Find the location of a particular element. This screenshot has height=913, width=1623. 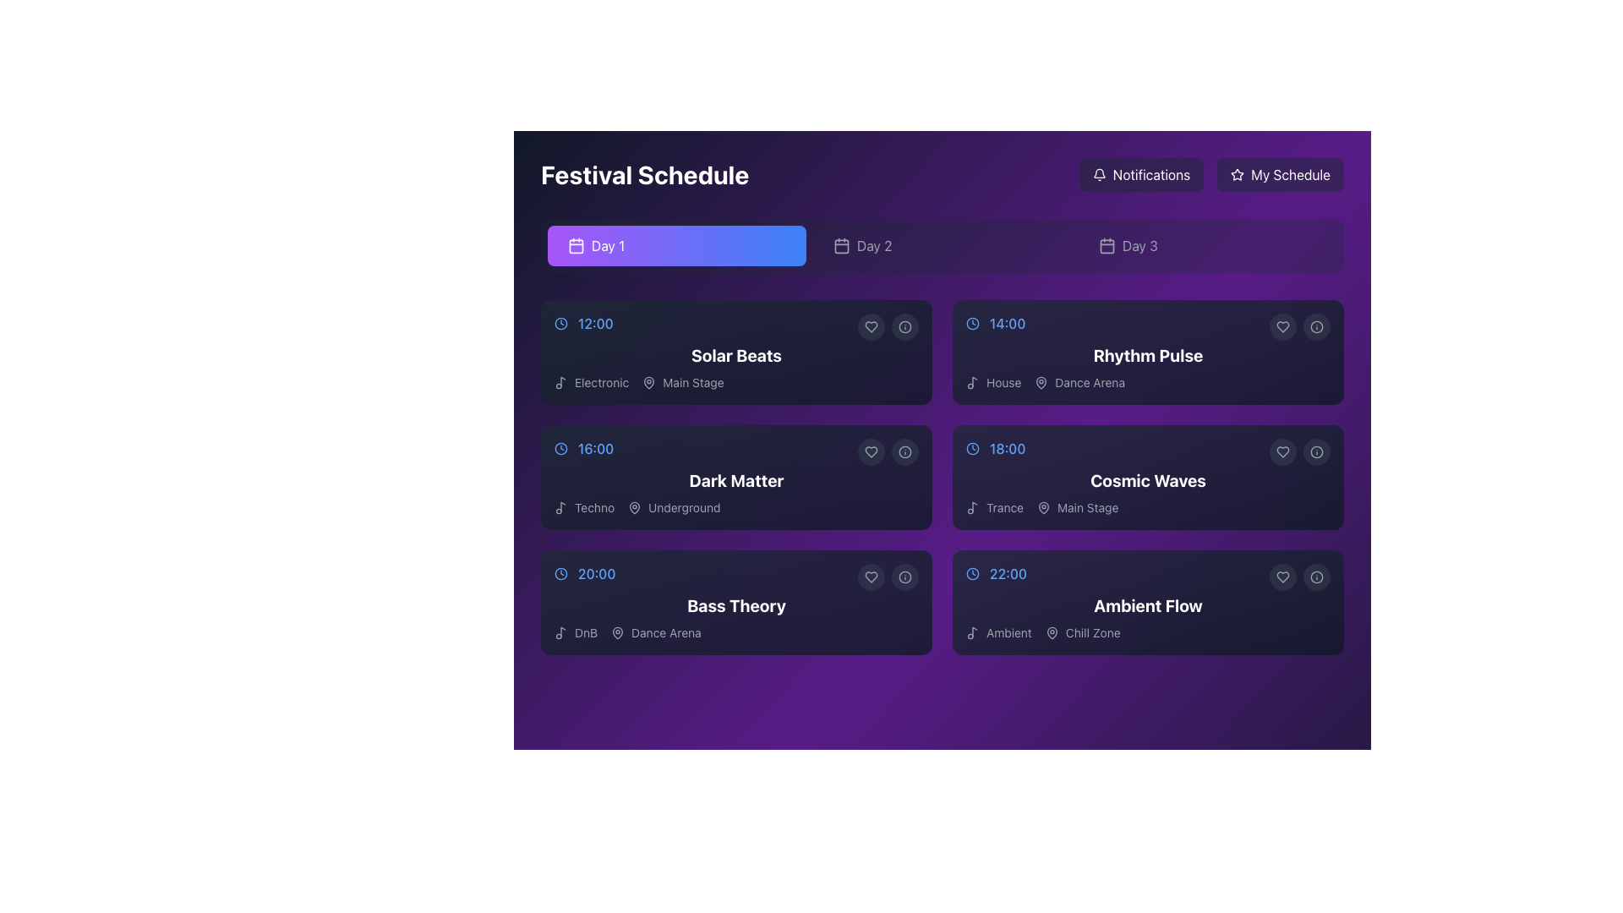

the music icon associated with the 'Trance' genre in the 'Cosmic Waves' schedule card is located at coordinates (975, 506).